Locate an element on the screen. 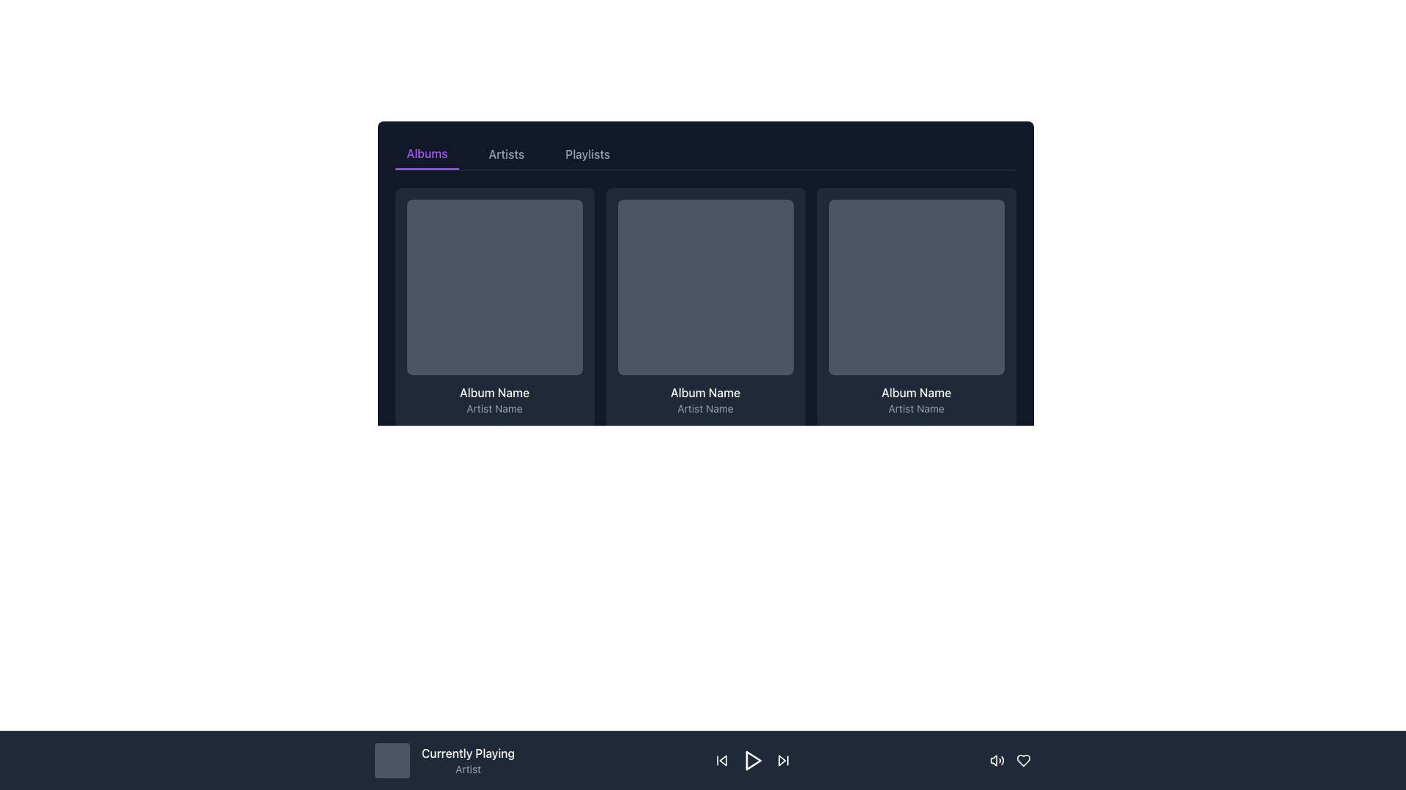 This screenshot has height=790, width=1406. the first interactive media card representing a music album in the music browser is located at coordinates (494, 317).